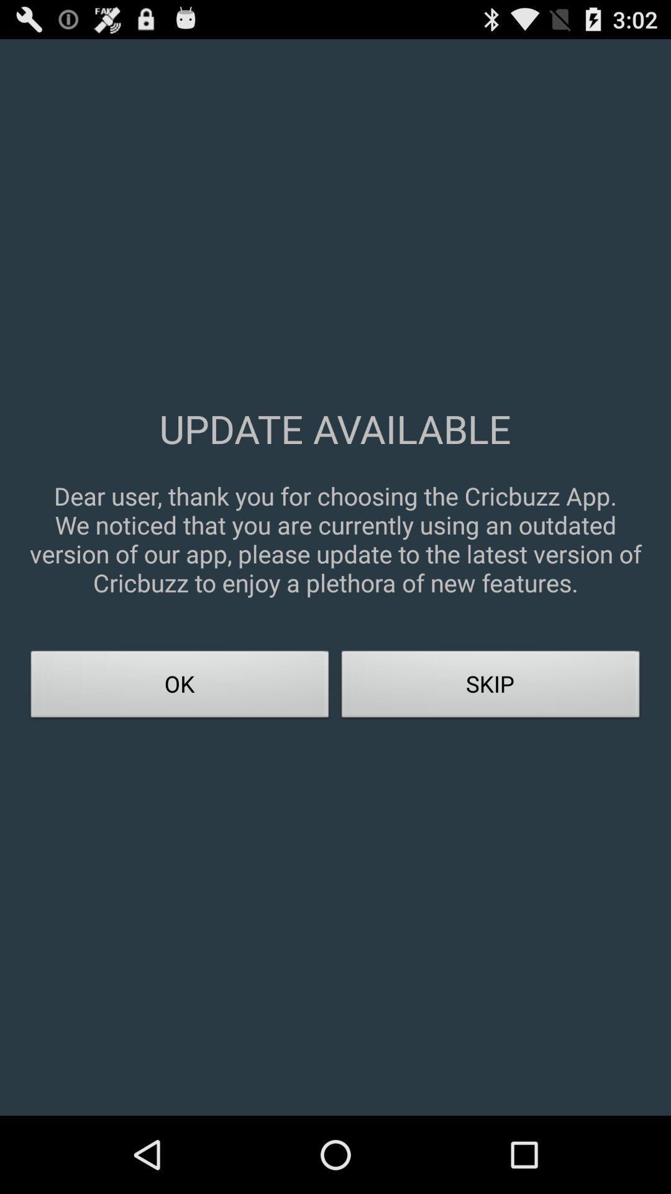  What do you see at coordinates (490, 687) in the screenshot?
I see `the item to the right of ok` at bounding box center [490, 687].